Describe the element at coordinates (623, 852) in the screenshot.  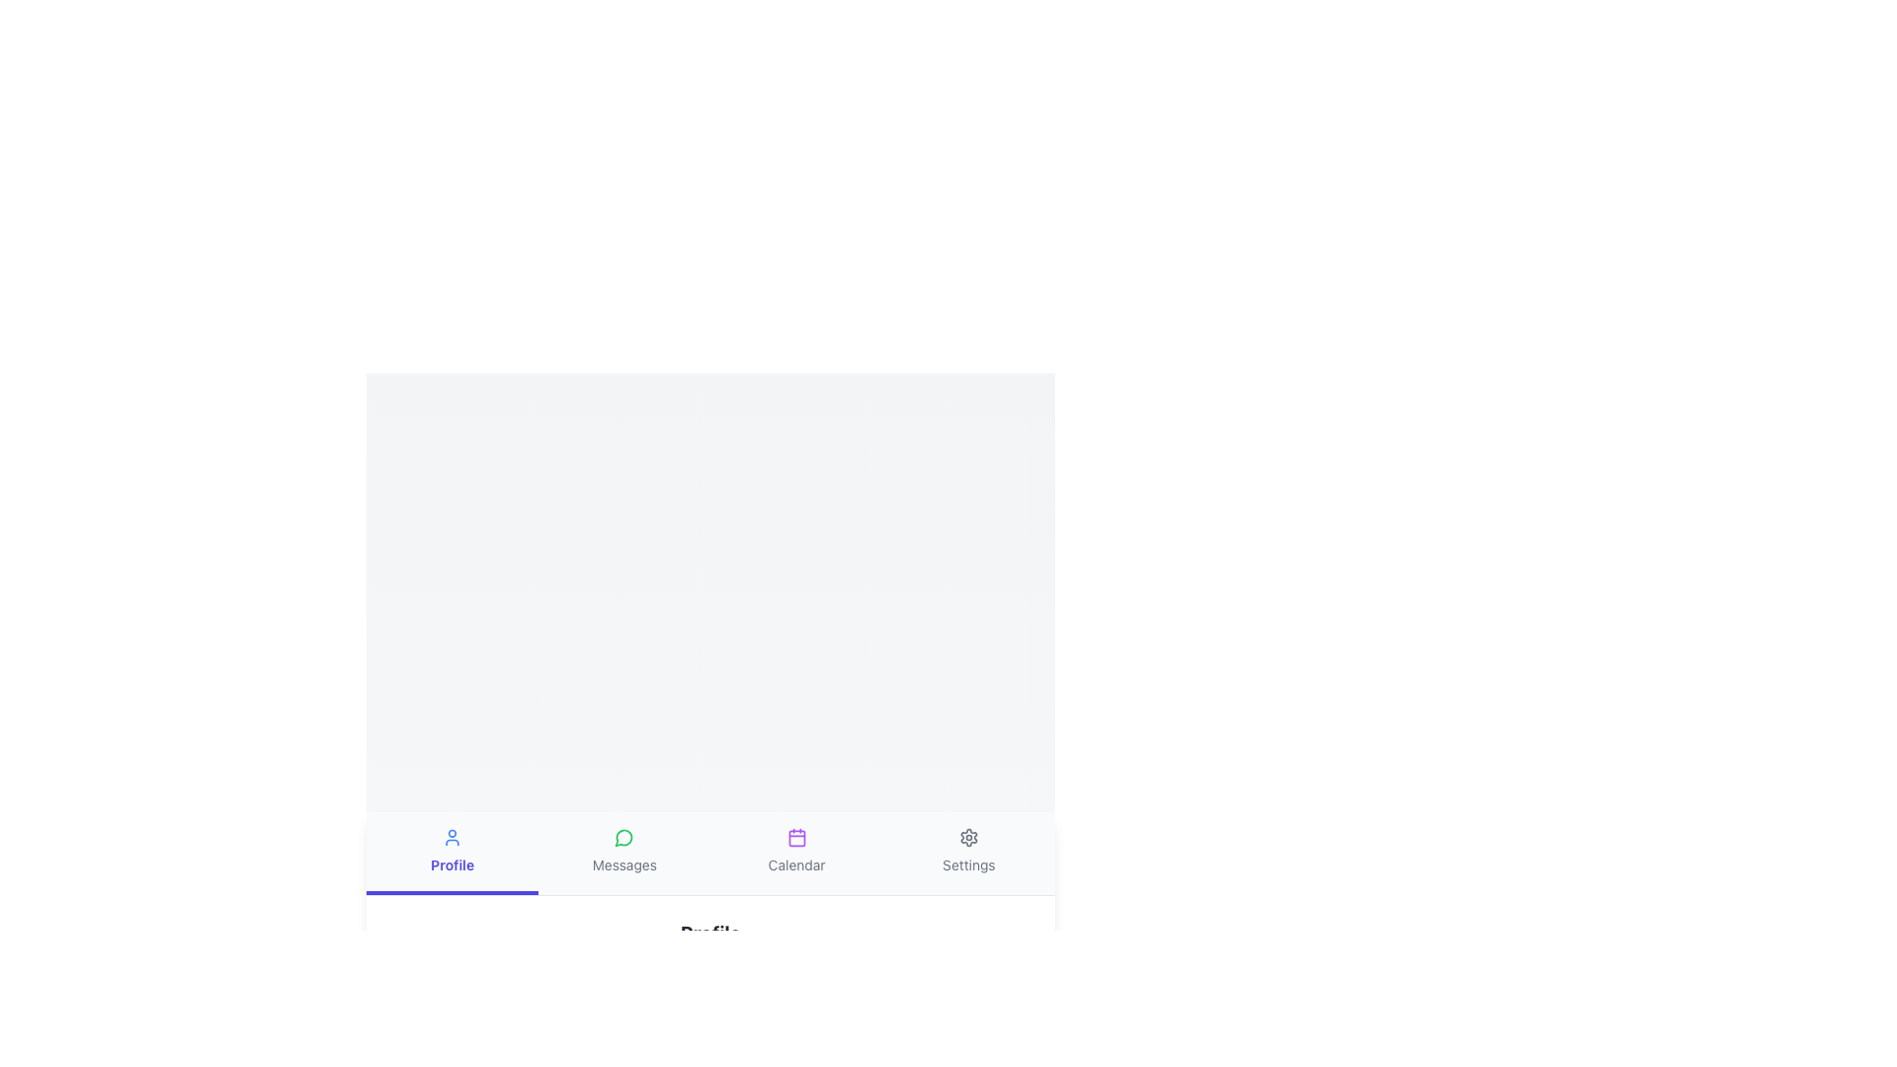
I see `the 'Messages' navigation button, which is represented by a circular green icon with the label 'Messages' in gray text, located in the bottom navigation bar` at that location.